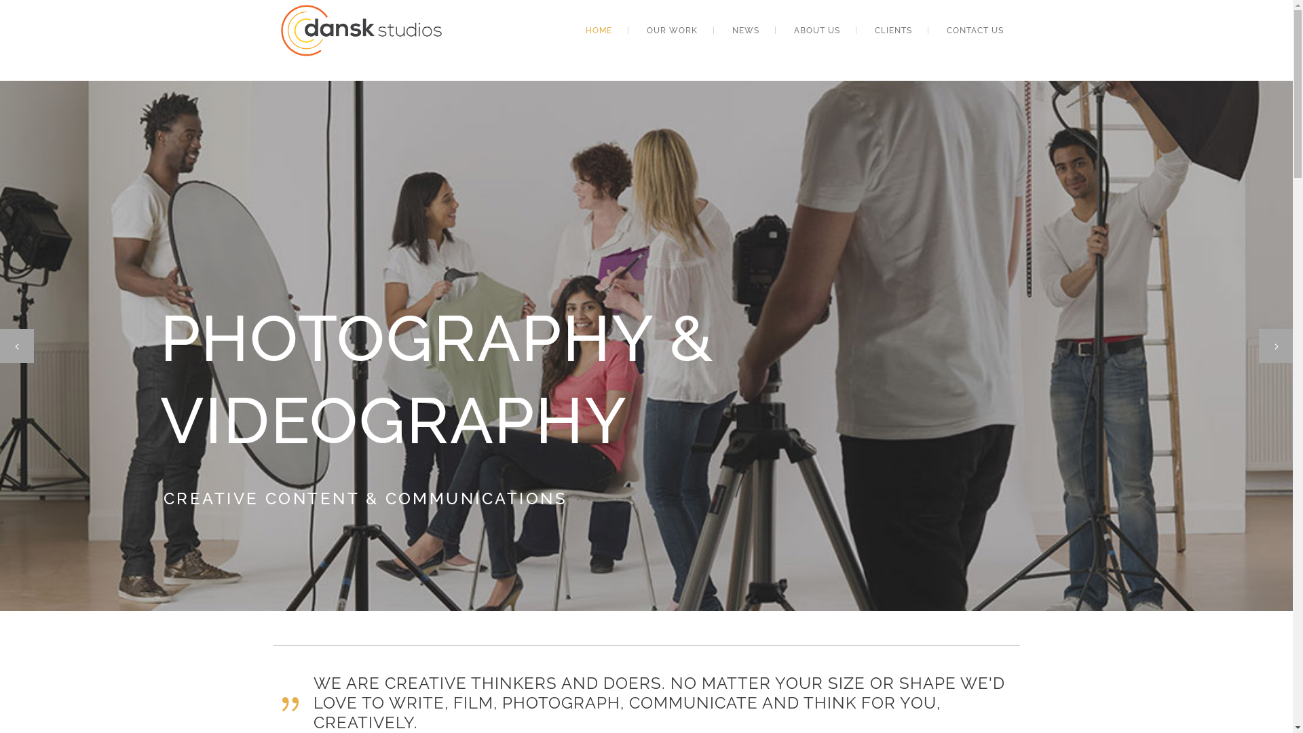  What do you see at coordinates (856, 31) in the screenshot?
I see `'CLIENTS'` at bounding box center [856, 31].